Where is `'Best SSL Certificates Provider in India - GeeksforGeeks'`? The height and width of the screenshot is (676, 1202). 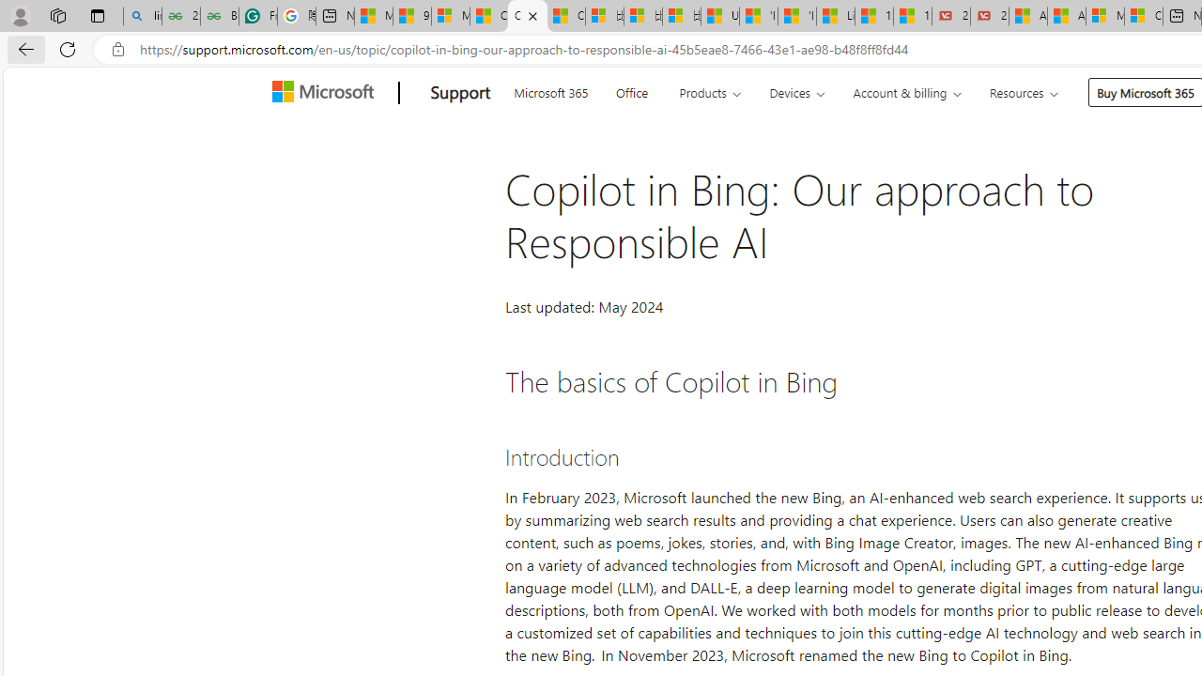 'Best SSL Certificates Provider in India - GeeksforGeeks' is located at coordinates (219, 16).